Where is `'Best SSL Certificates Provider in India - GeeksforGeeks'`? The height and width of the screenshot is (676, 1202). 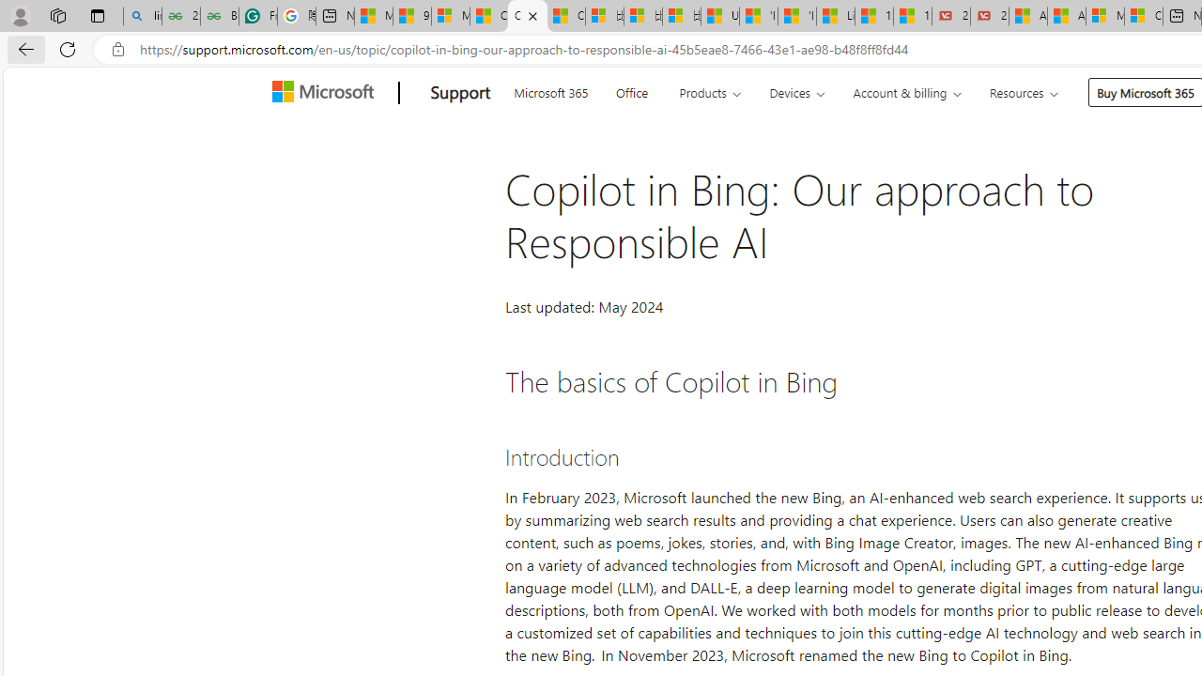 'Best SSL Certificates Provider in India - GeeksforGeeks' is located at coordinates (219, 16).